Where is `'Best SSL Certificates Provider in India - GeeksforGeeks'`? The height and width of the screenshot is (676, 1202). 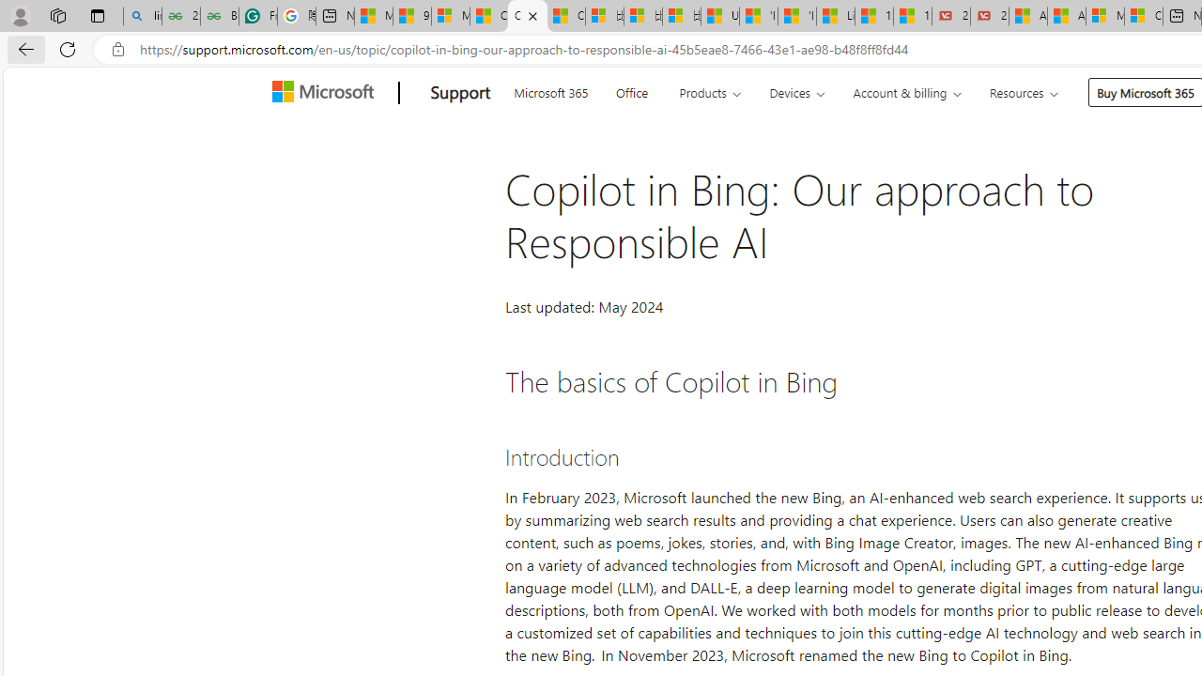 'Best SSL Certificates Provider in India - GeeksforGeeks' is located at coordinates (219, 16).